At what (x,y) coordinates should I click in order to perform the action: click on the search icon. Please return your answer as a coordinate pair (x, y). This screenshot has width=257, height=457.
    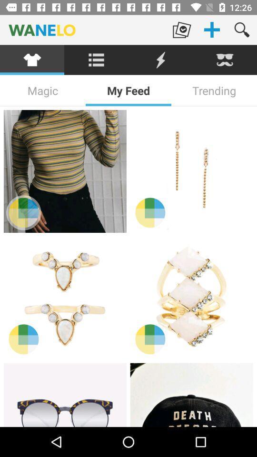
    Looking at the image, I should click on (242, 30).